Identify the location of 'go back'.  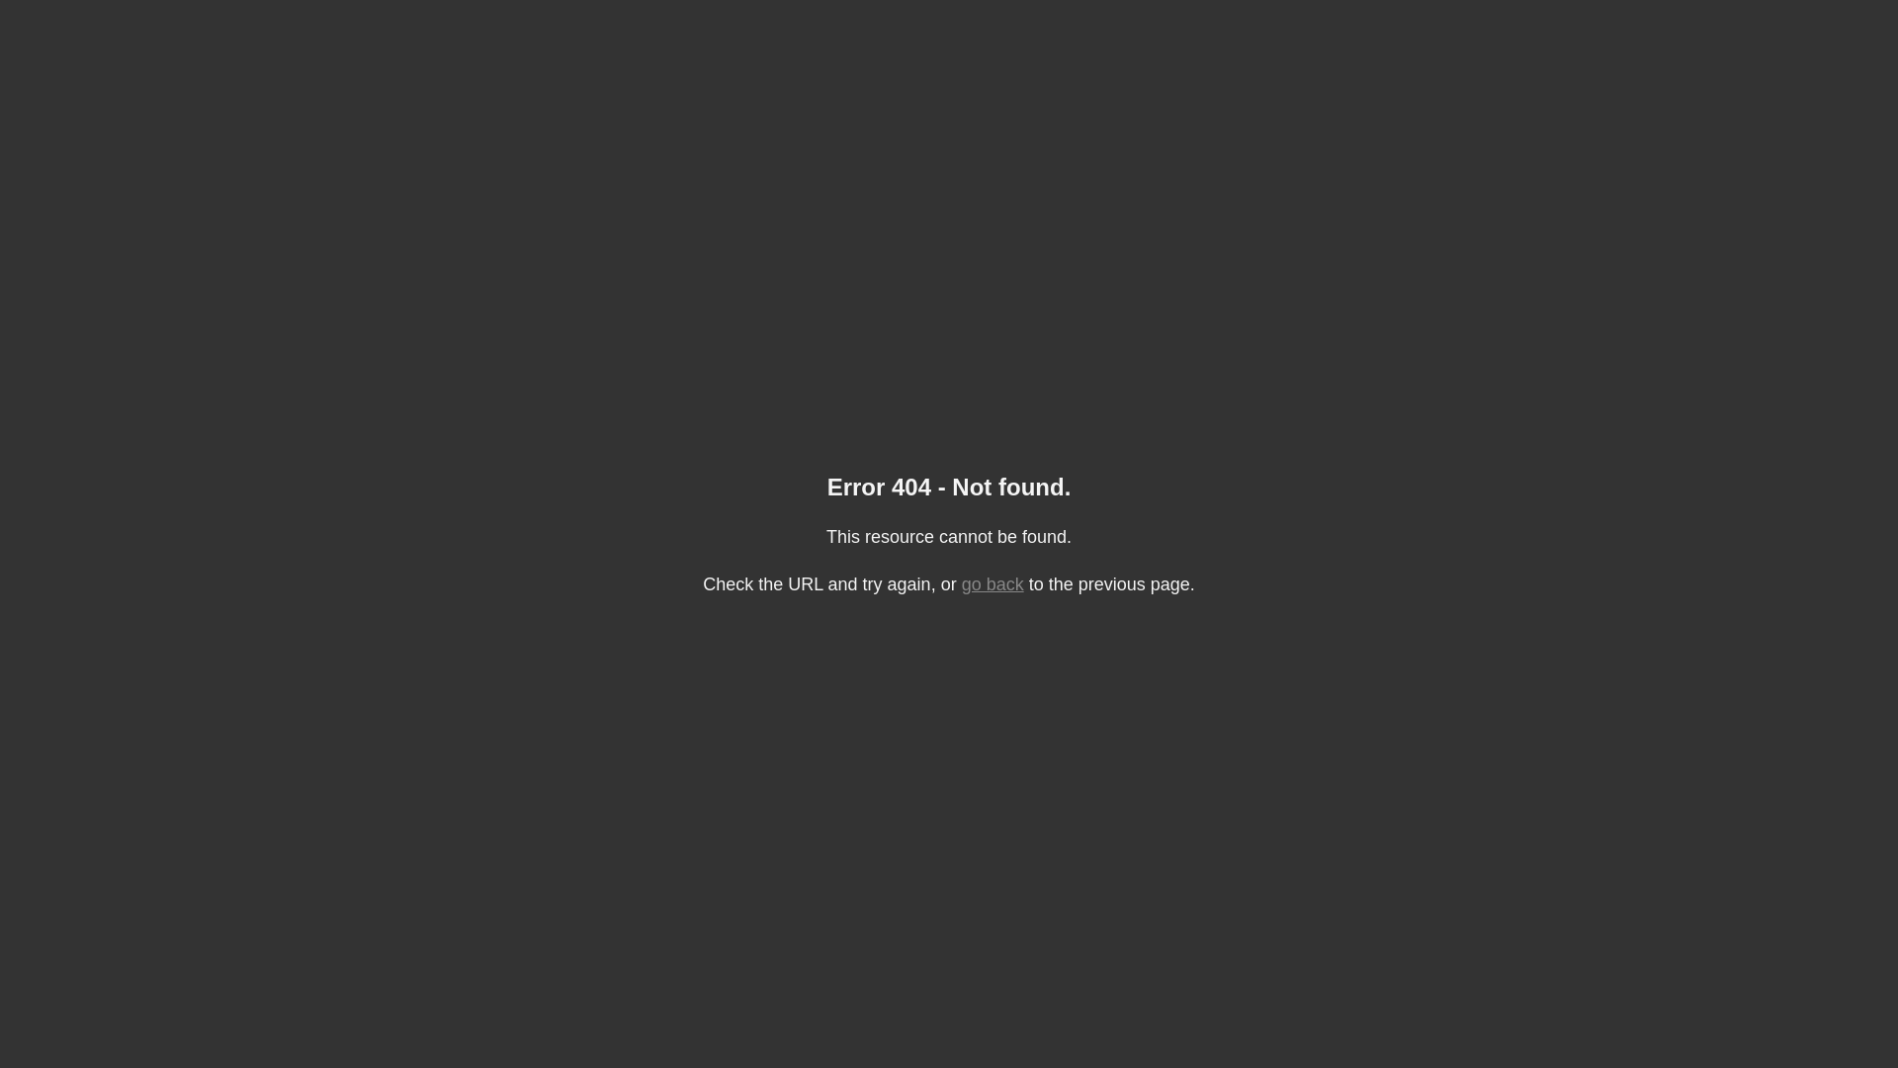
(992, 582).